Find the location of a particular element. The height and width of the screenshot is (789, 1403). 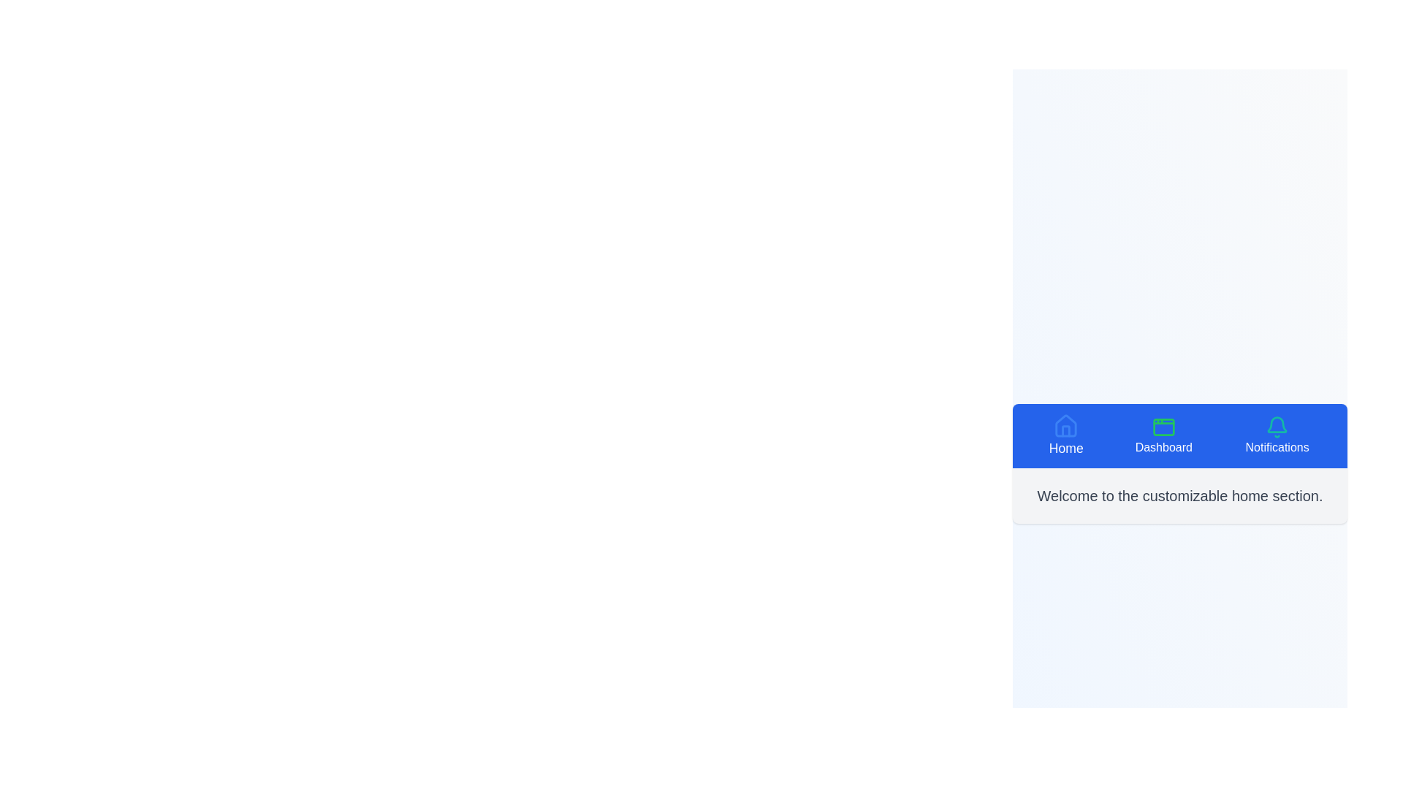

the Home tab in the IconicTabs component is located at coordinates (1066, 435).